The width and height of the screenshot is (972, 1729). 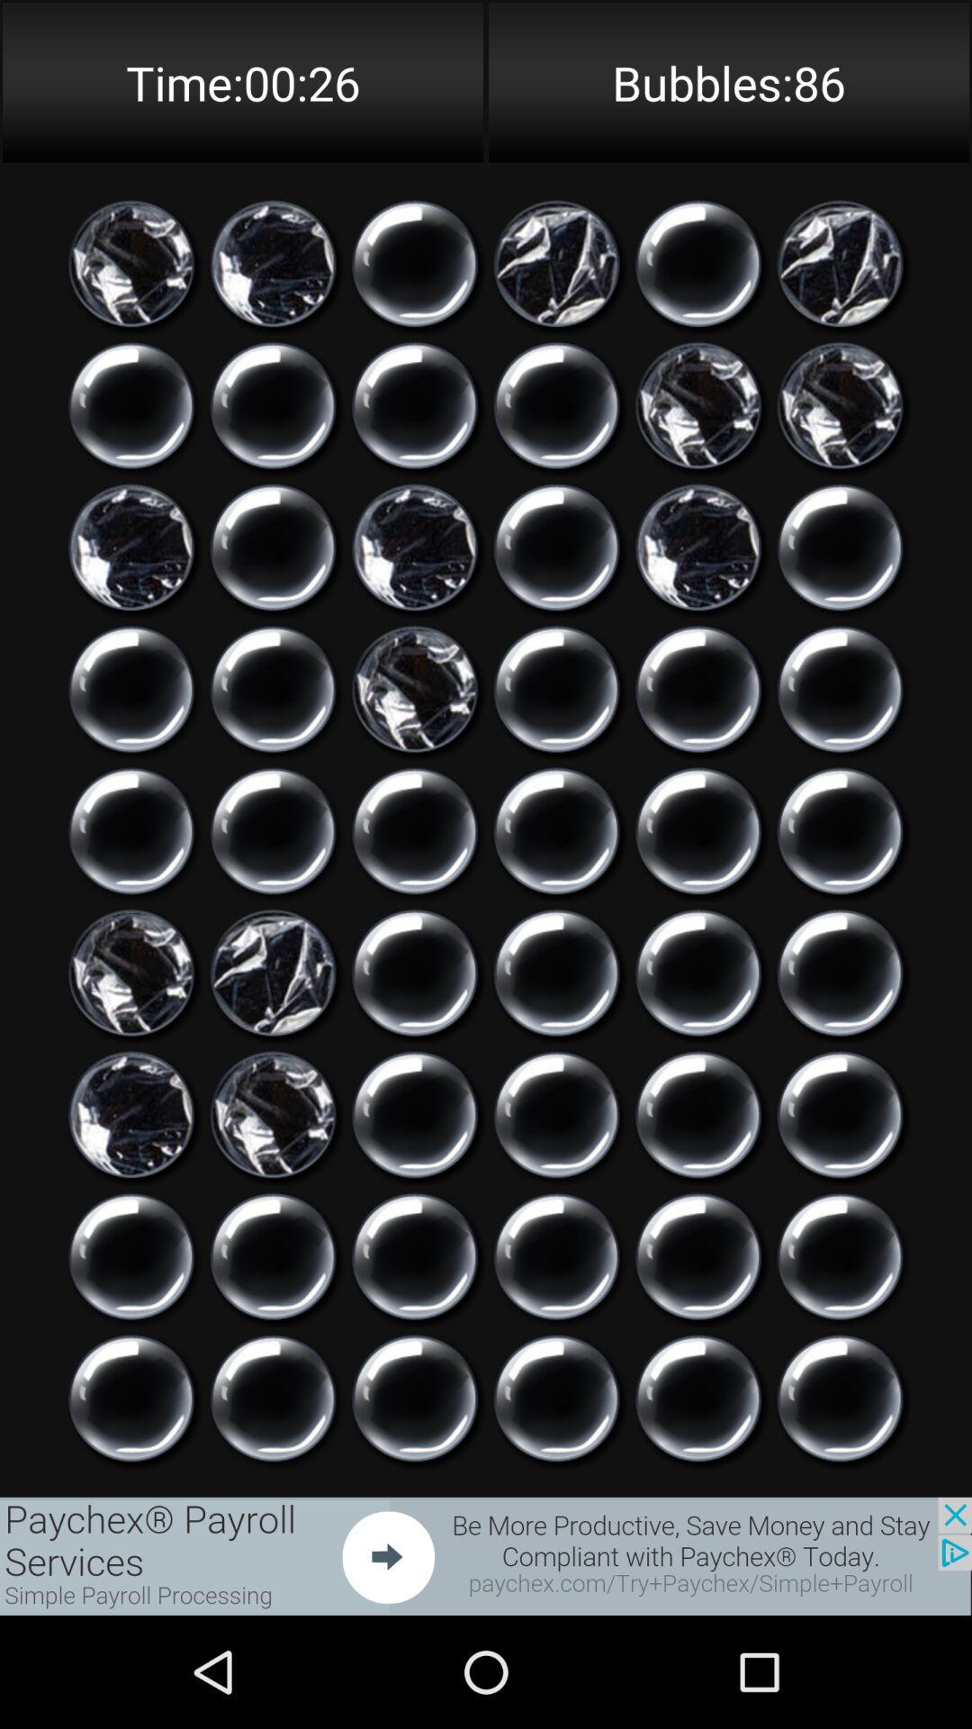 I want to click on pop a bubble, so click(x=840, y=1398).